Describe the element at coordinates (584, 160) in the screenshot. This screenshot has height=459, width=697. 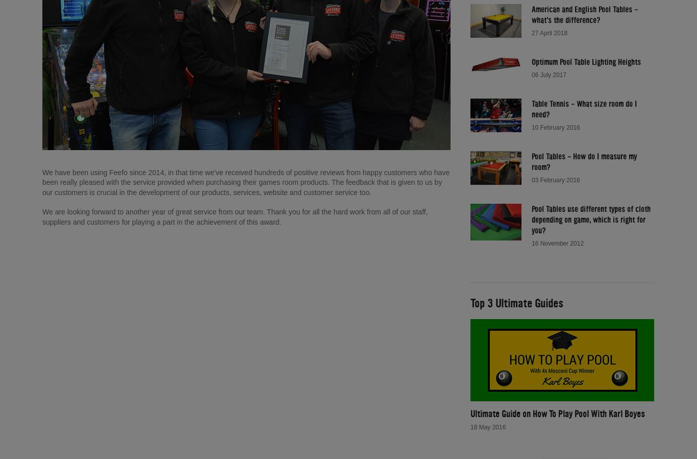
I see `'Pool Tables - How do I measure my room?'` at that location.